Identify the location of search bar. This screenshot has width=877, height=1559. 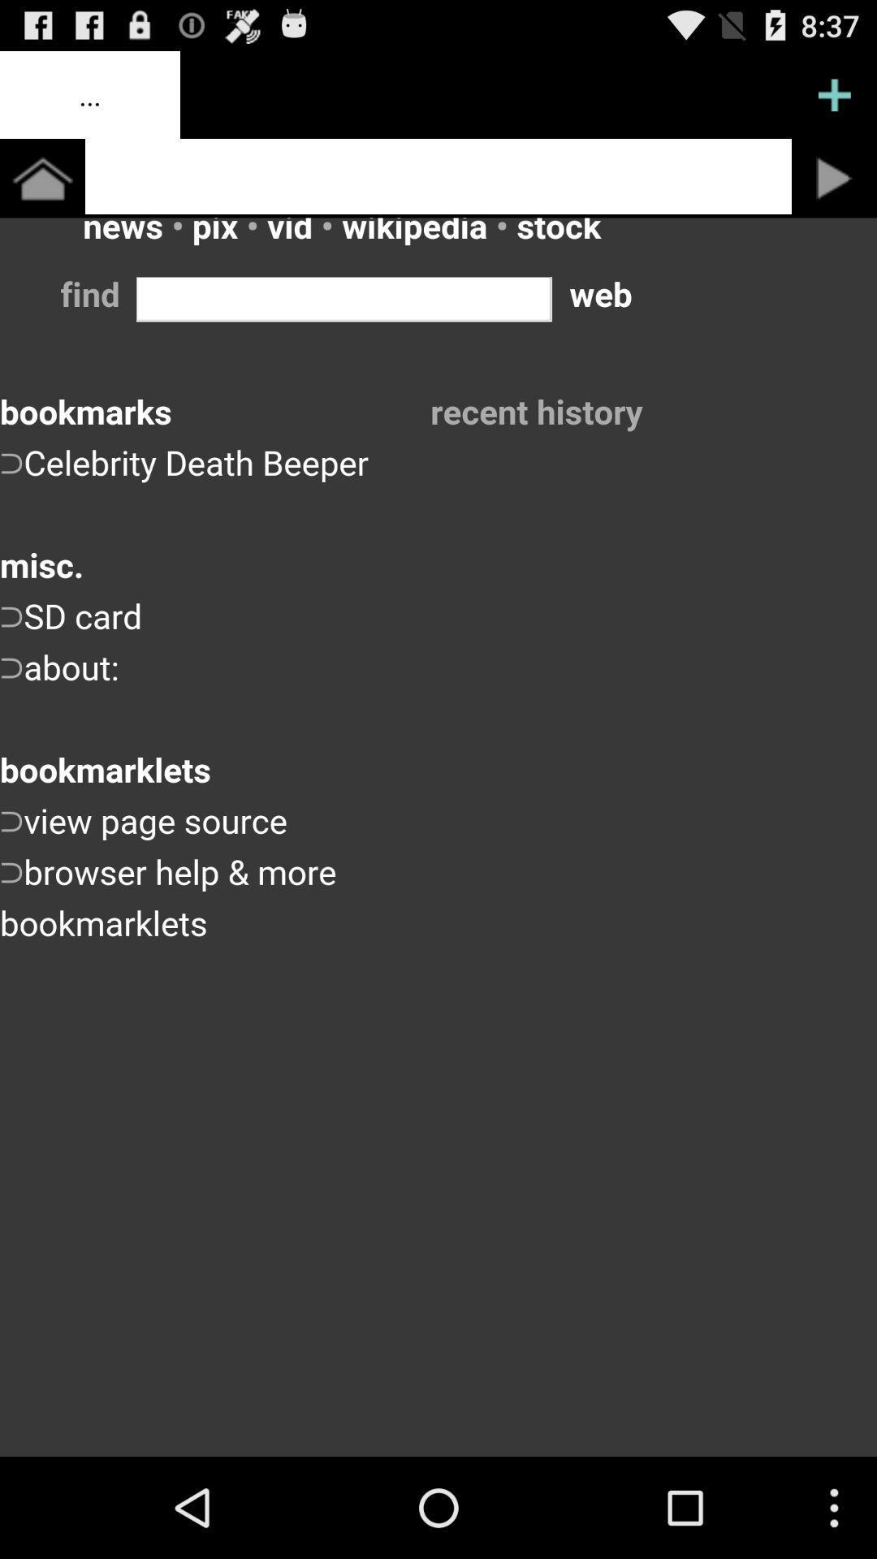
(438, 176).